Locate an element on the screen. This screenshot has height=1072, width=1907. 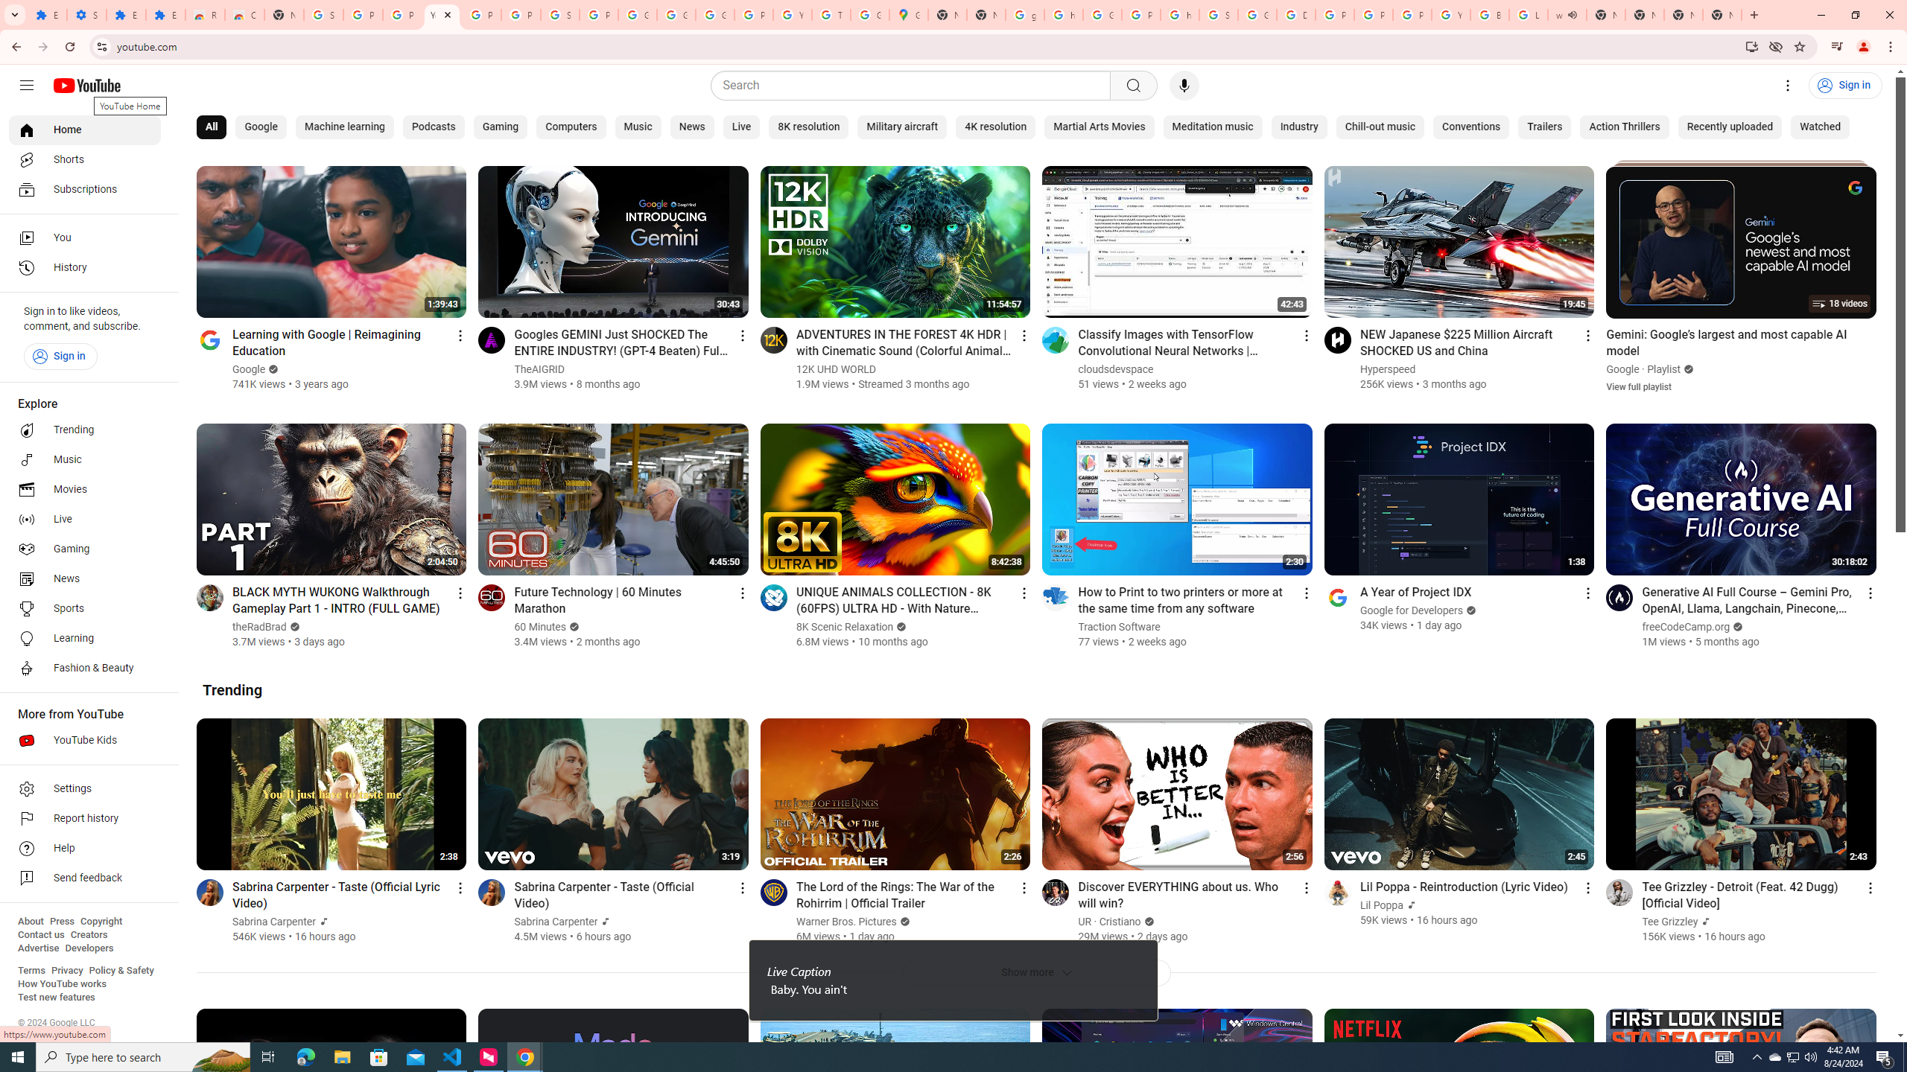
'Learning' is located at coordinates (84, 638).